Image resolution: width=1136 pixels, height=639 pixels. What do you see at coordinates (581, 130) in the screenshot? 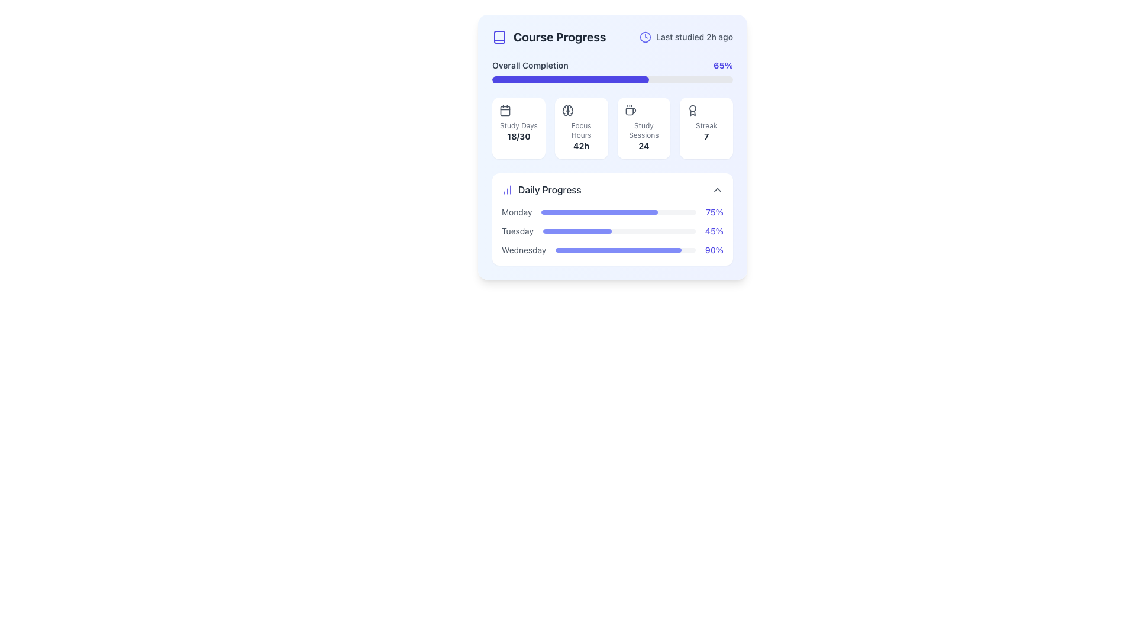
I see `the 'Focus Hours' label that describes the information regarding focused hours spent, positioned above '42h' in the Course Progress dashboard` at bounding box center [581, 130].